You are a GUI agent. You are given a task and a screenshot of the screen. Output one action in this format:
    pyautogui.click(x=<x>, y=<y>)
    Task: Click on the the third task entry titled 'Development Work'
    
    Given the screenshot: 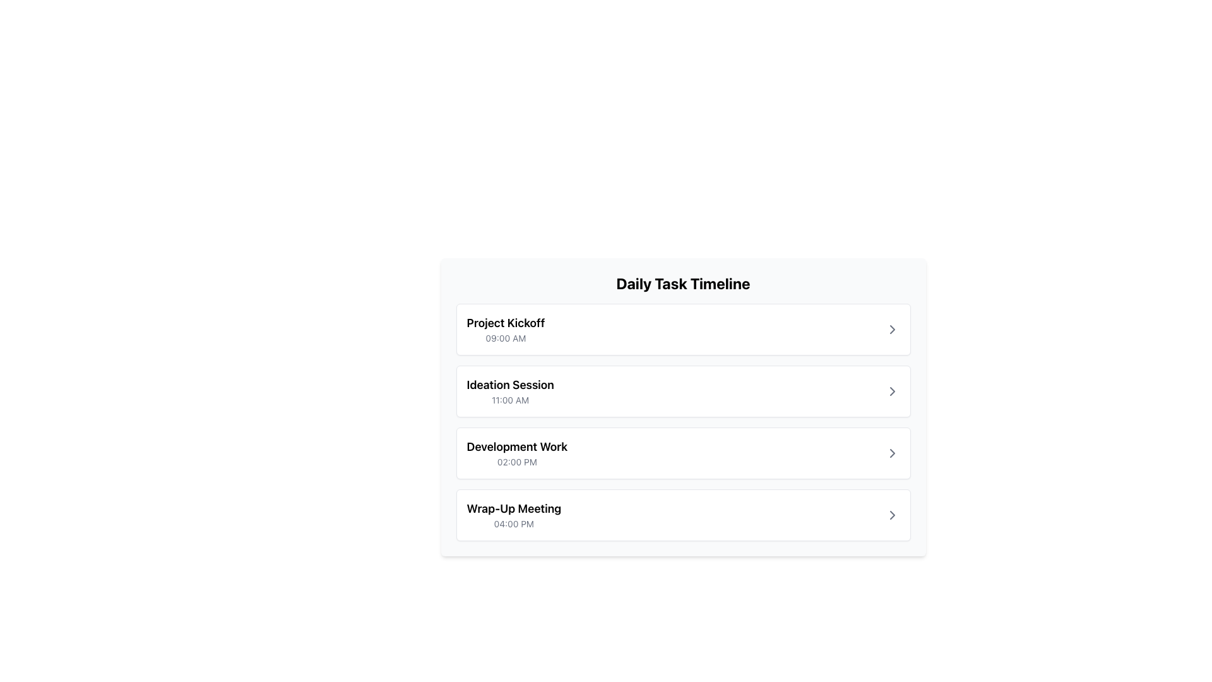 What is the action you would take?
    pyautogui.click(x=682, y=452)
    